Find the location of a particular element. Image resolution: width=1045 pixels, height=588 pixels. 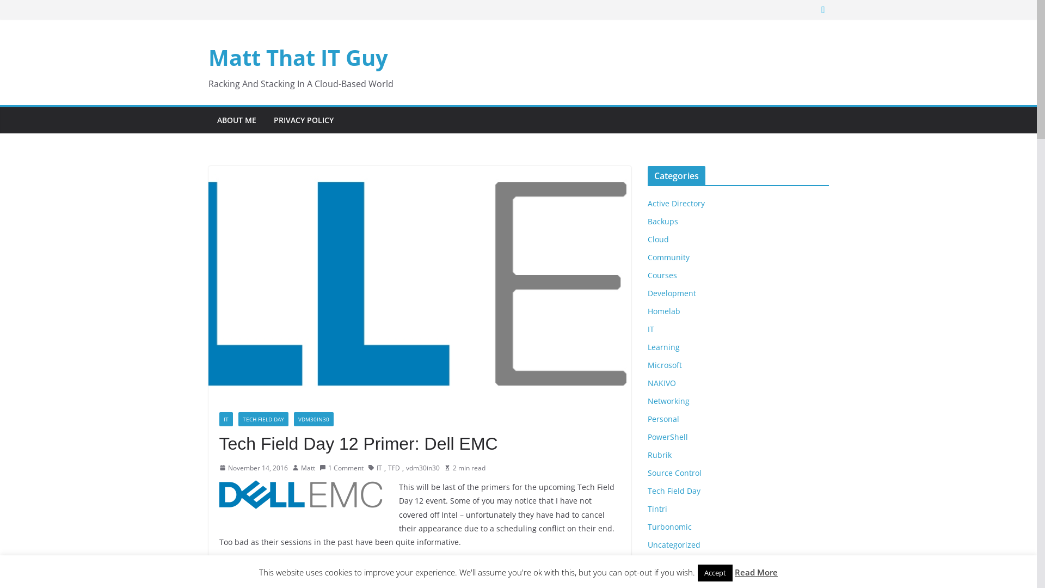

'IT' is located at coordinates (376, 468).